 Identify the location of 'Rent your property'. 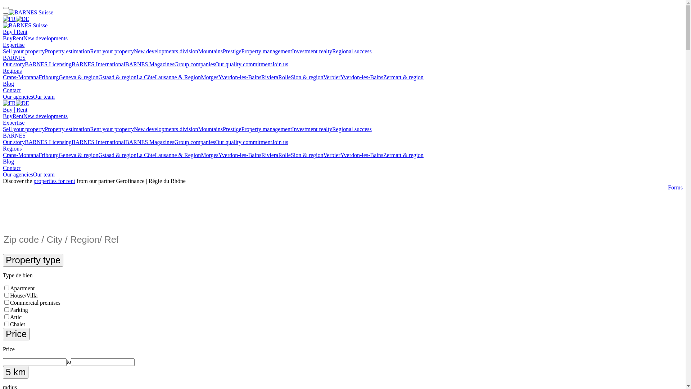
(112, 51).